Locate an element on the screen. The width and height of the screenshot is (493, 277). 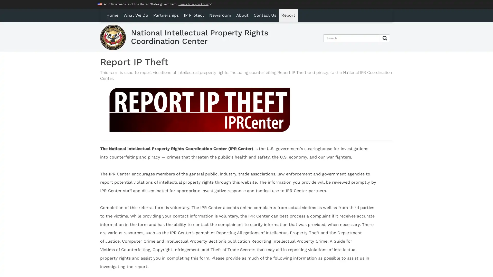
Submit Search is located at coordinates (385, 37).